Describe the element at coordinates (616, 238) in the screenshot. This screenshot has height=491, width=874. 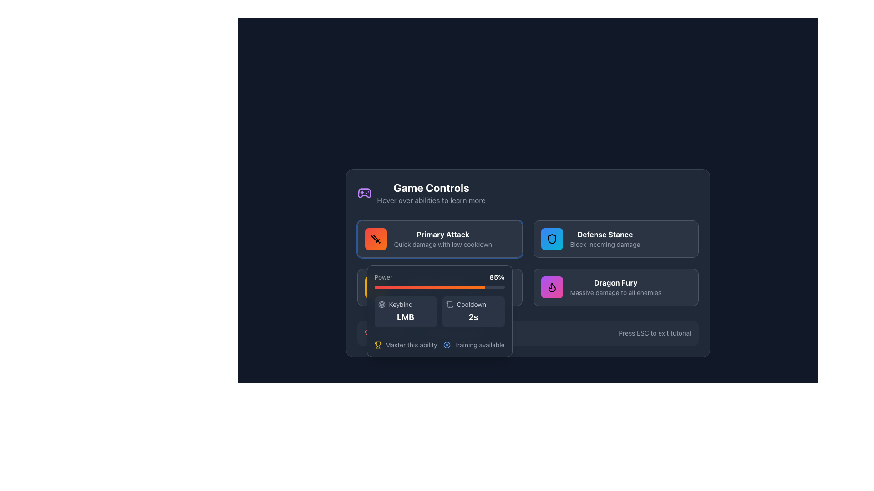
I see `the 'Defense Stance' informational card that describes its ability to block incoming damage` at that location.